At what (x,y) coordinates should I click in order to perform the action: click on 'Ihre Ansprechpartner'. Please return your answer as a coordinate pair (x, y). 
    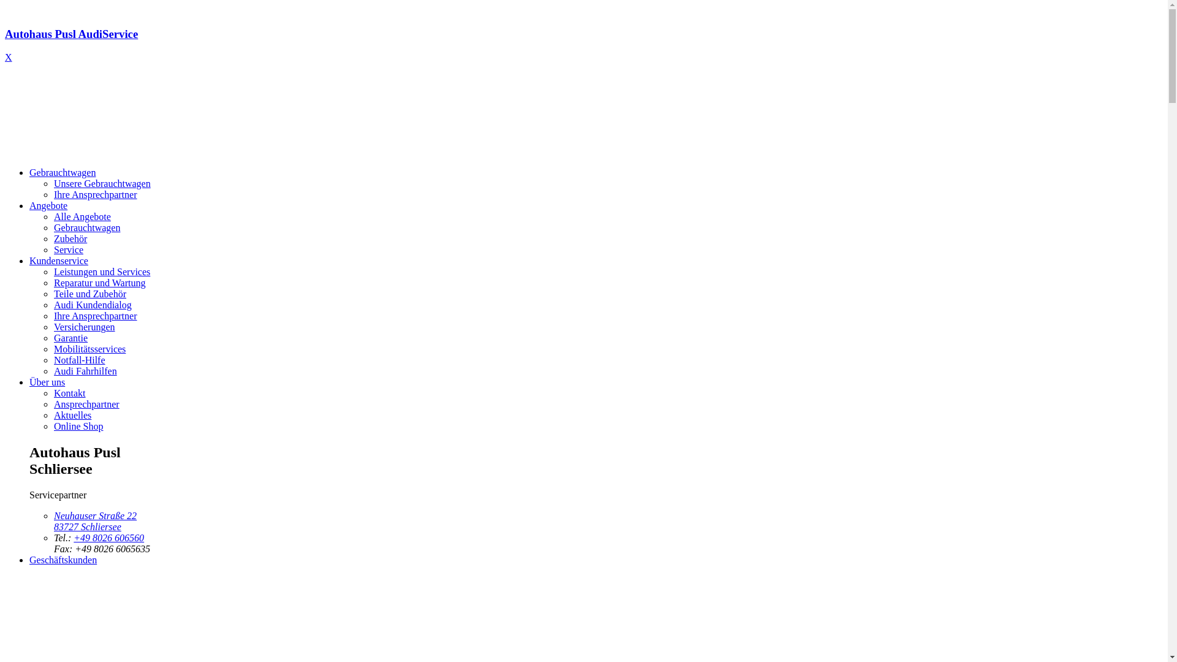
    Looking at the image, I should click on (53, 194).